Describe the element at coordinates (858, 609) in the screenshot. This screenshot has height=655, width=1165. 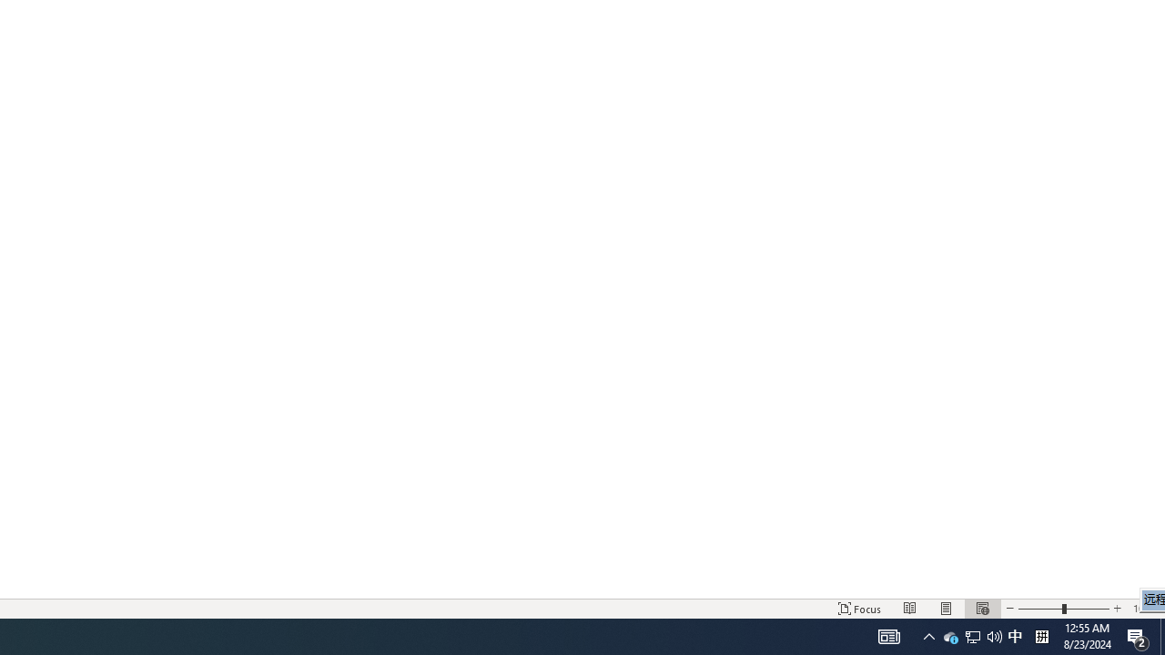
I see `'Focus '` at that location.